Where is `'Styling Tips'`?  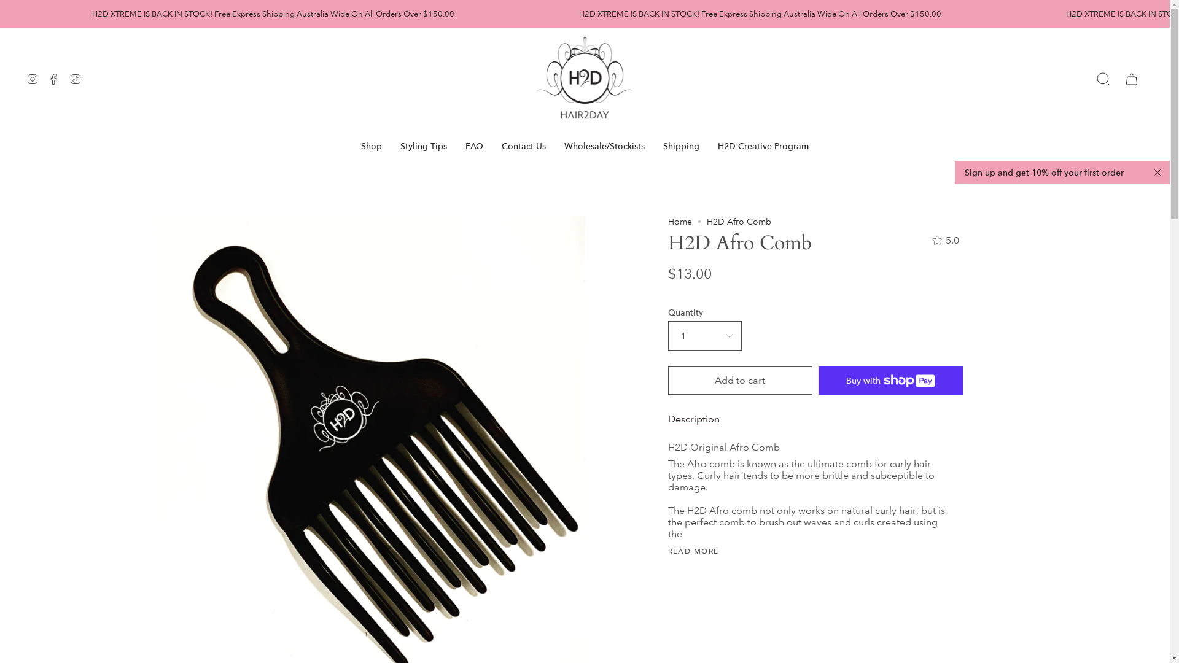 'Styling Tips' is located at coordinates (424, 145).